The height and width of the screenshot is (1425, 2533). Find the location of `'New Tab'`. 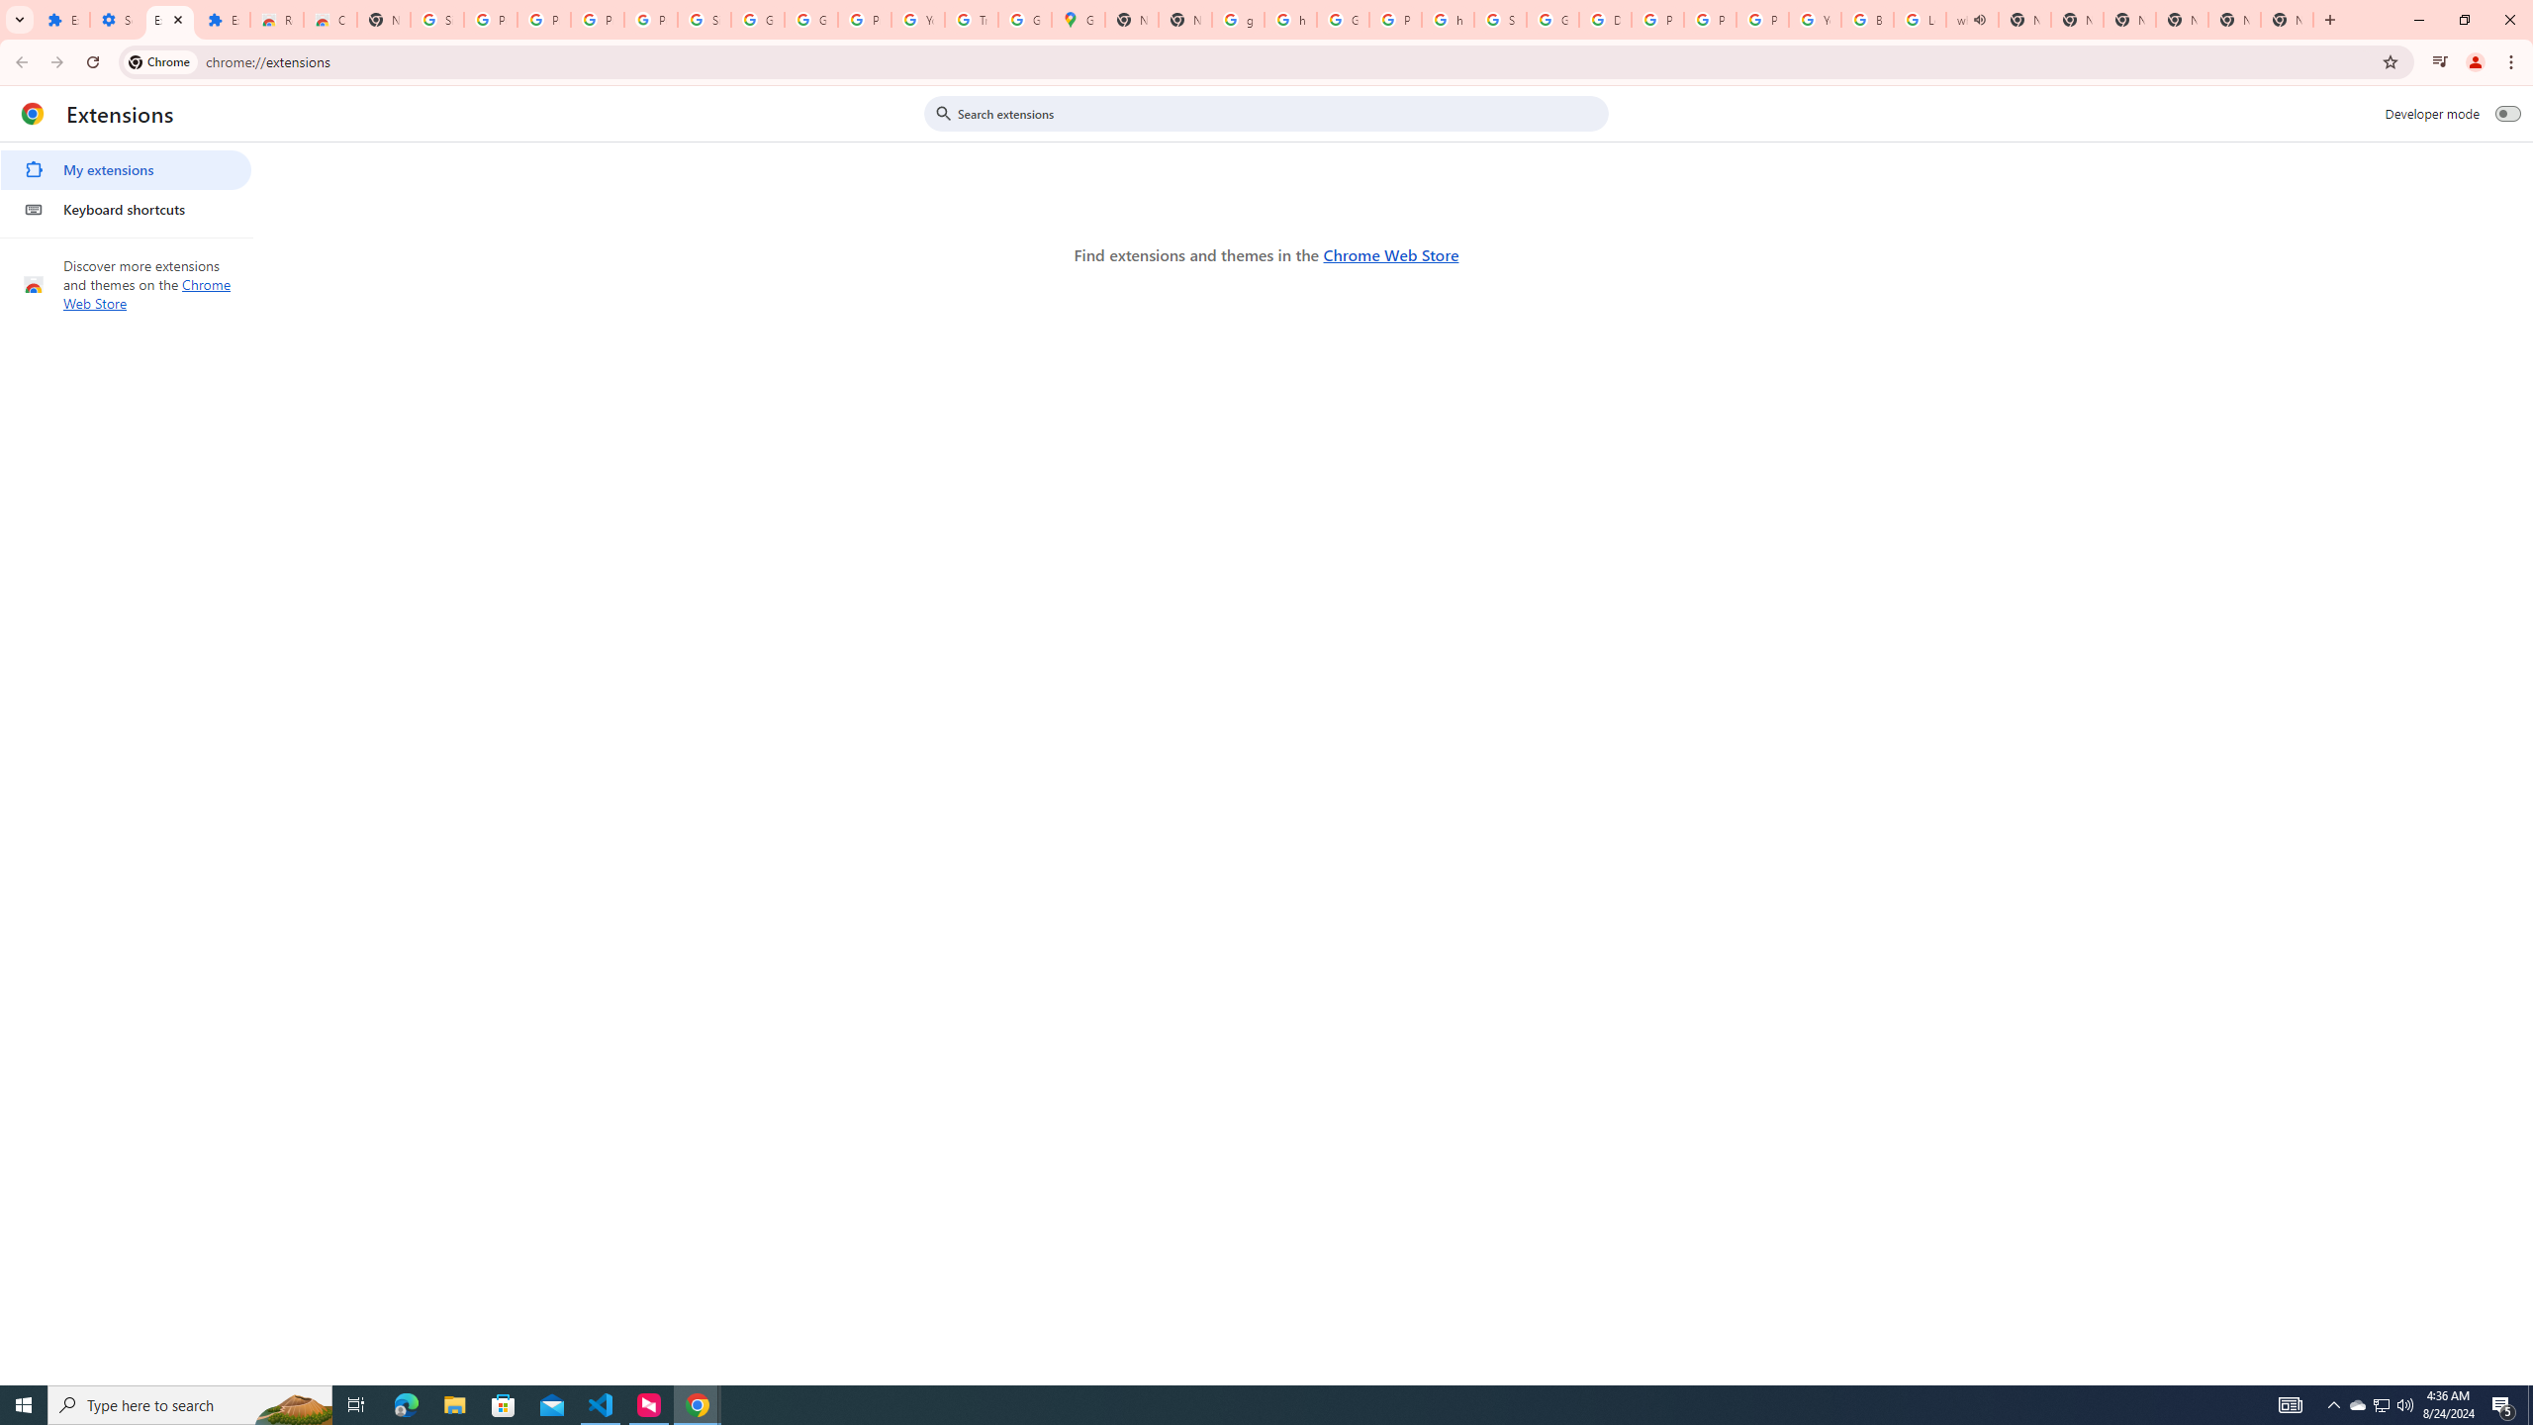

'New Tab' is located at coordinates (2287, 19).